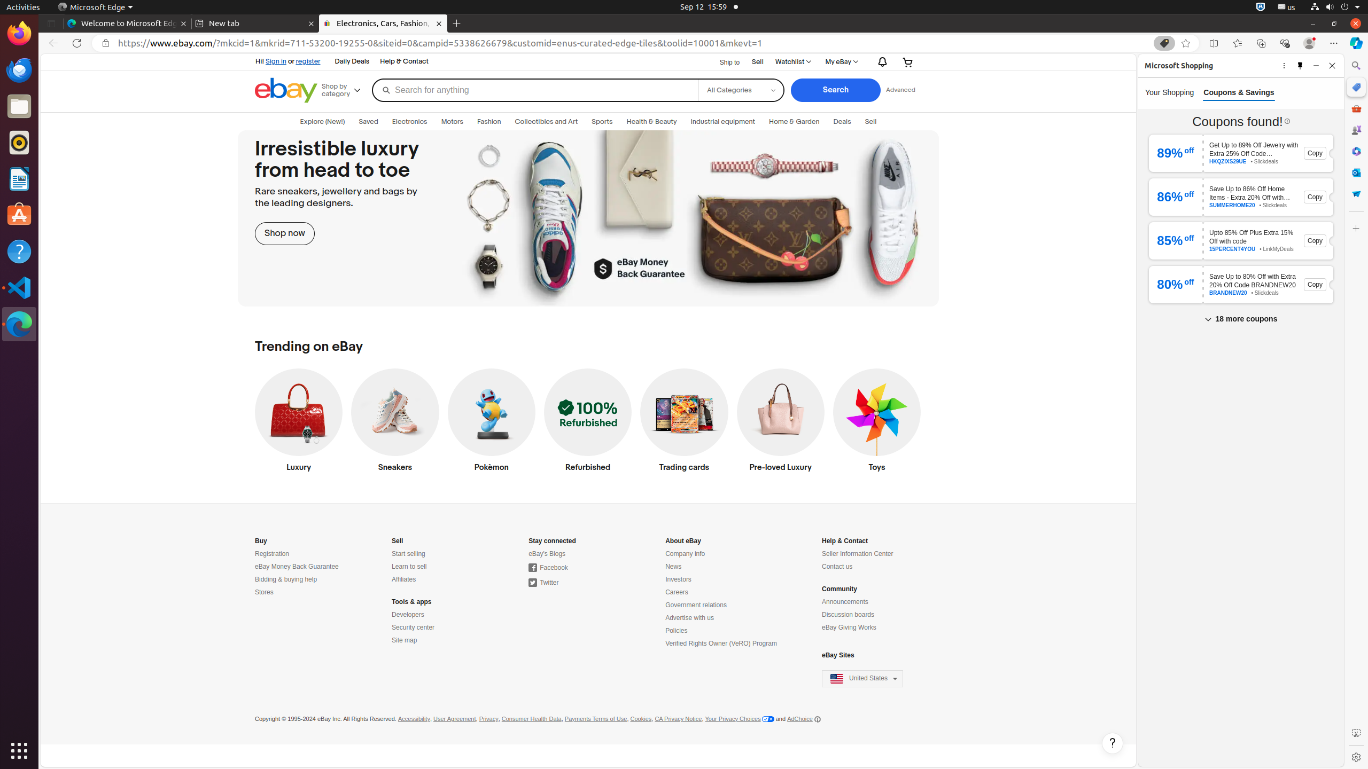 This screenshot has height=769, width=1368. I want to click on '89 % off Get Up to 89% Off Jewelry with Extra 25% Off Code HKQZIXS29UE HKQZIXS29UE • Slickdeals Copy', so click(1240, 153).